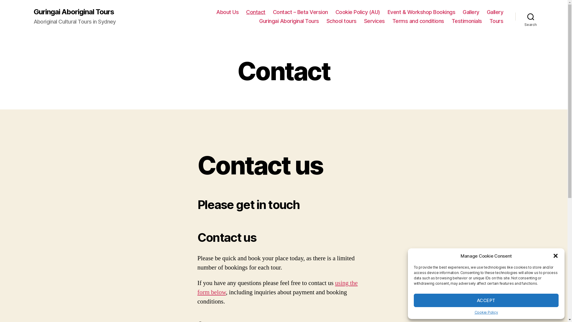  Describe the element at coordinates (495, 12) in the screenshot. I see `'Gallery'` at that location.